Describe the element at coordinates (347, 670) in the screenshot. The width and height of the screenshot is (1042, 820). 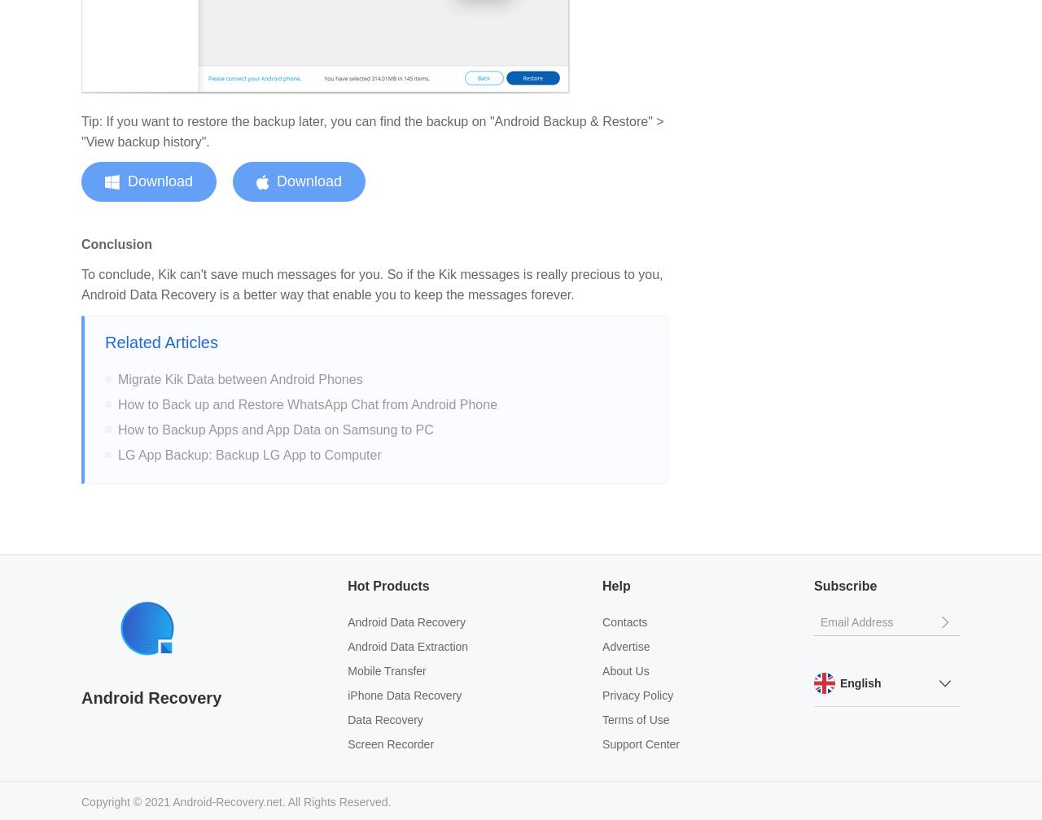
I see `'Mobile Transfer'` at that location.